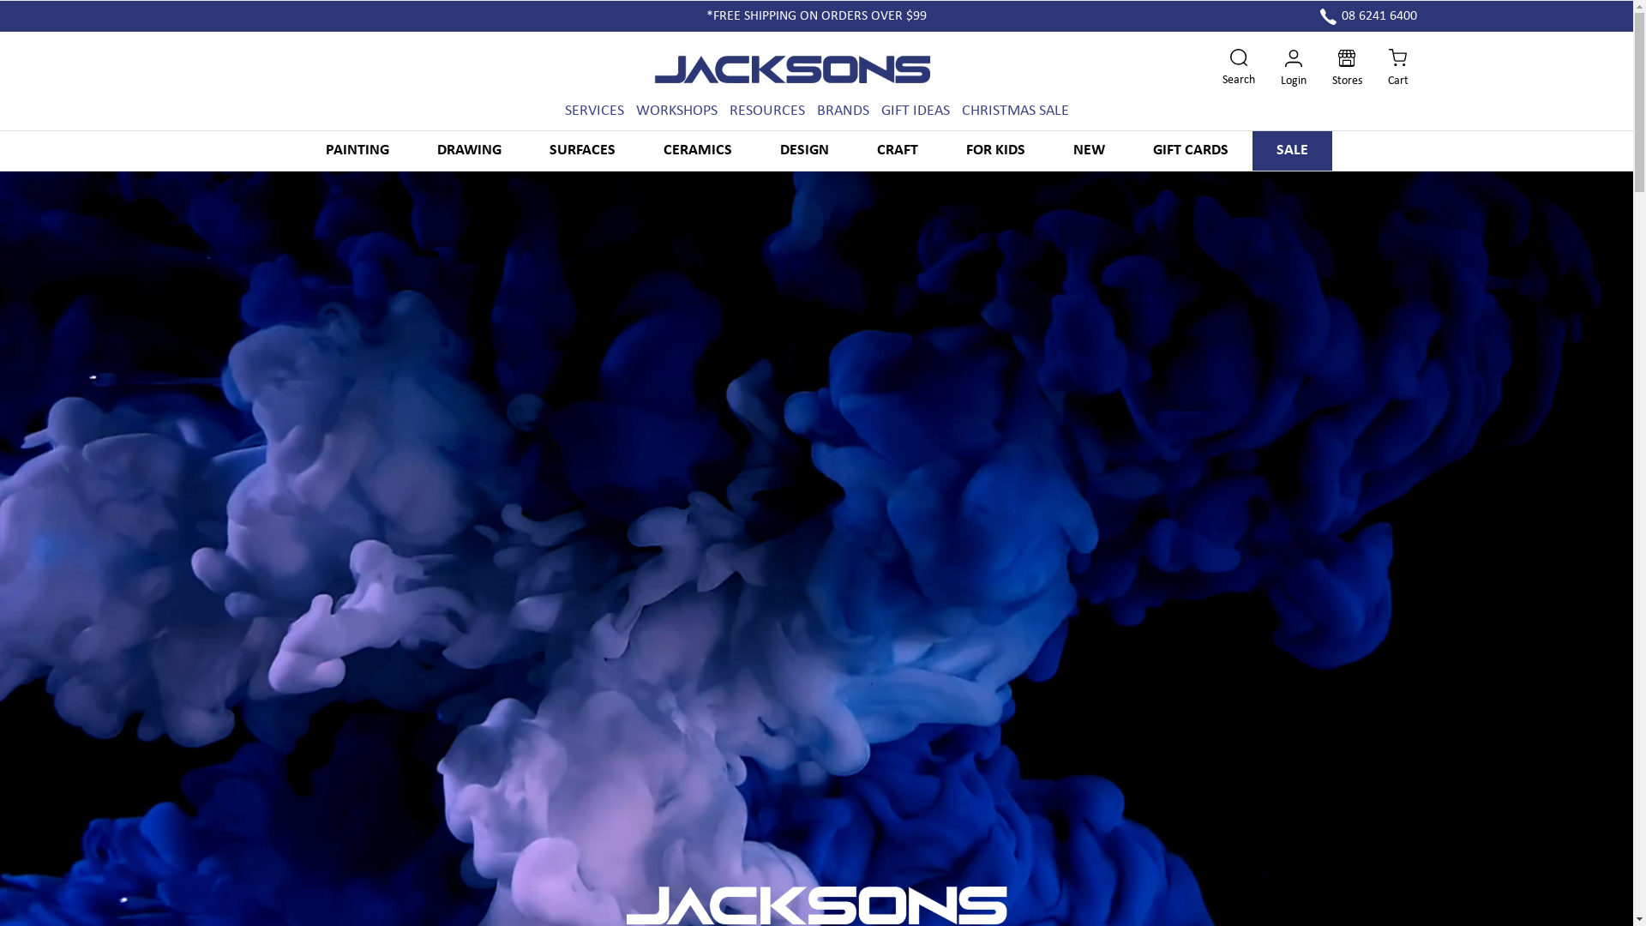  I want to click on 'SALE', so click(1251, 150).